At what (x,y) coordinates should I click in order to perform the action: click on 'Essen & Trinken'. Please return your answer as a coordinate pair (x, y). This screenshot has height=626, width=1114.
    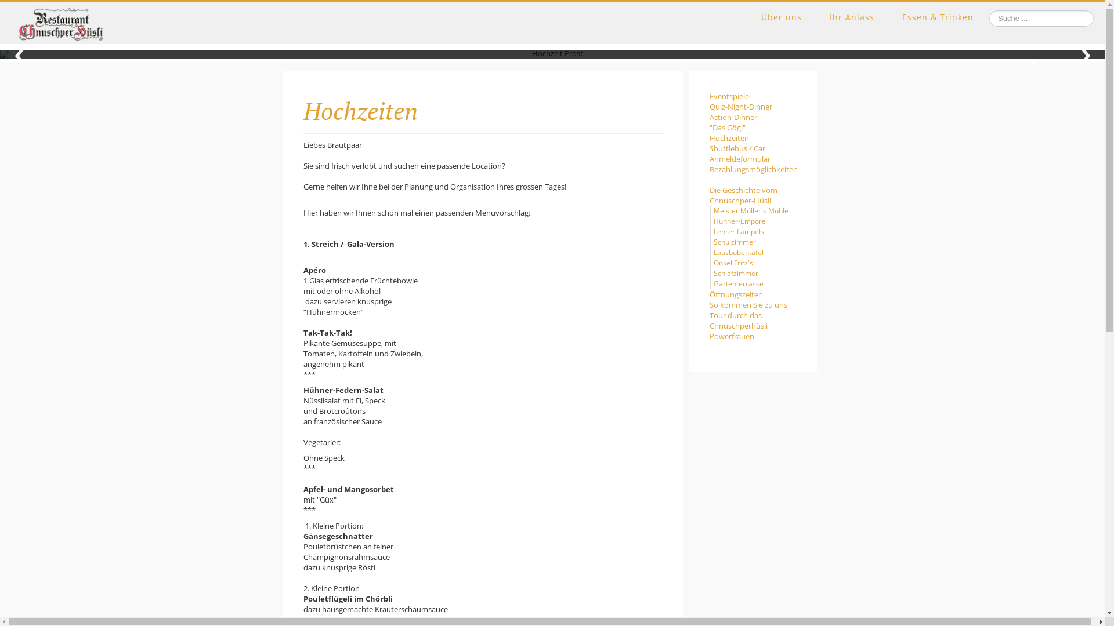
    Looking at the image, I should click on (902, 17).